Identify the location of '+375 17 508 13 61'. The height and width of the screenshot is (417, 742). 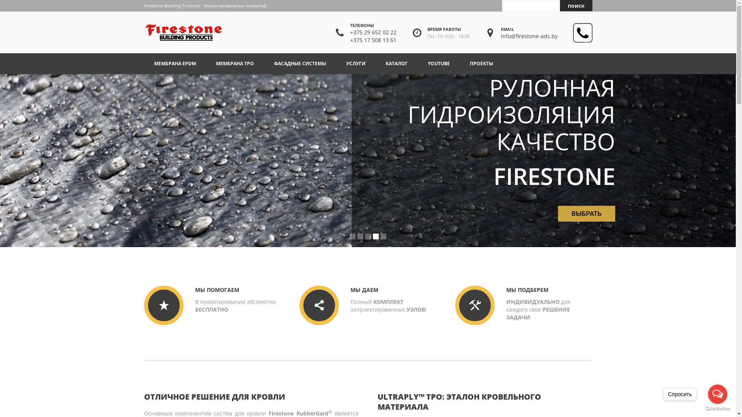
(350, 40).